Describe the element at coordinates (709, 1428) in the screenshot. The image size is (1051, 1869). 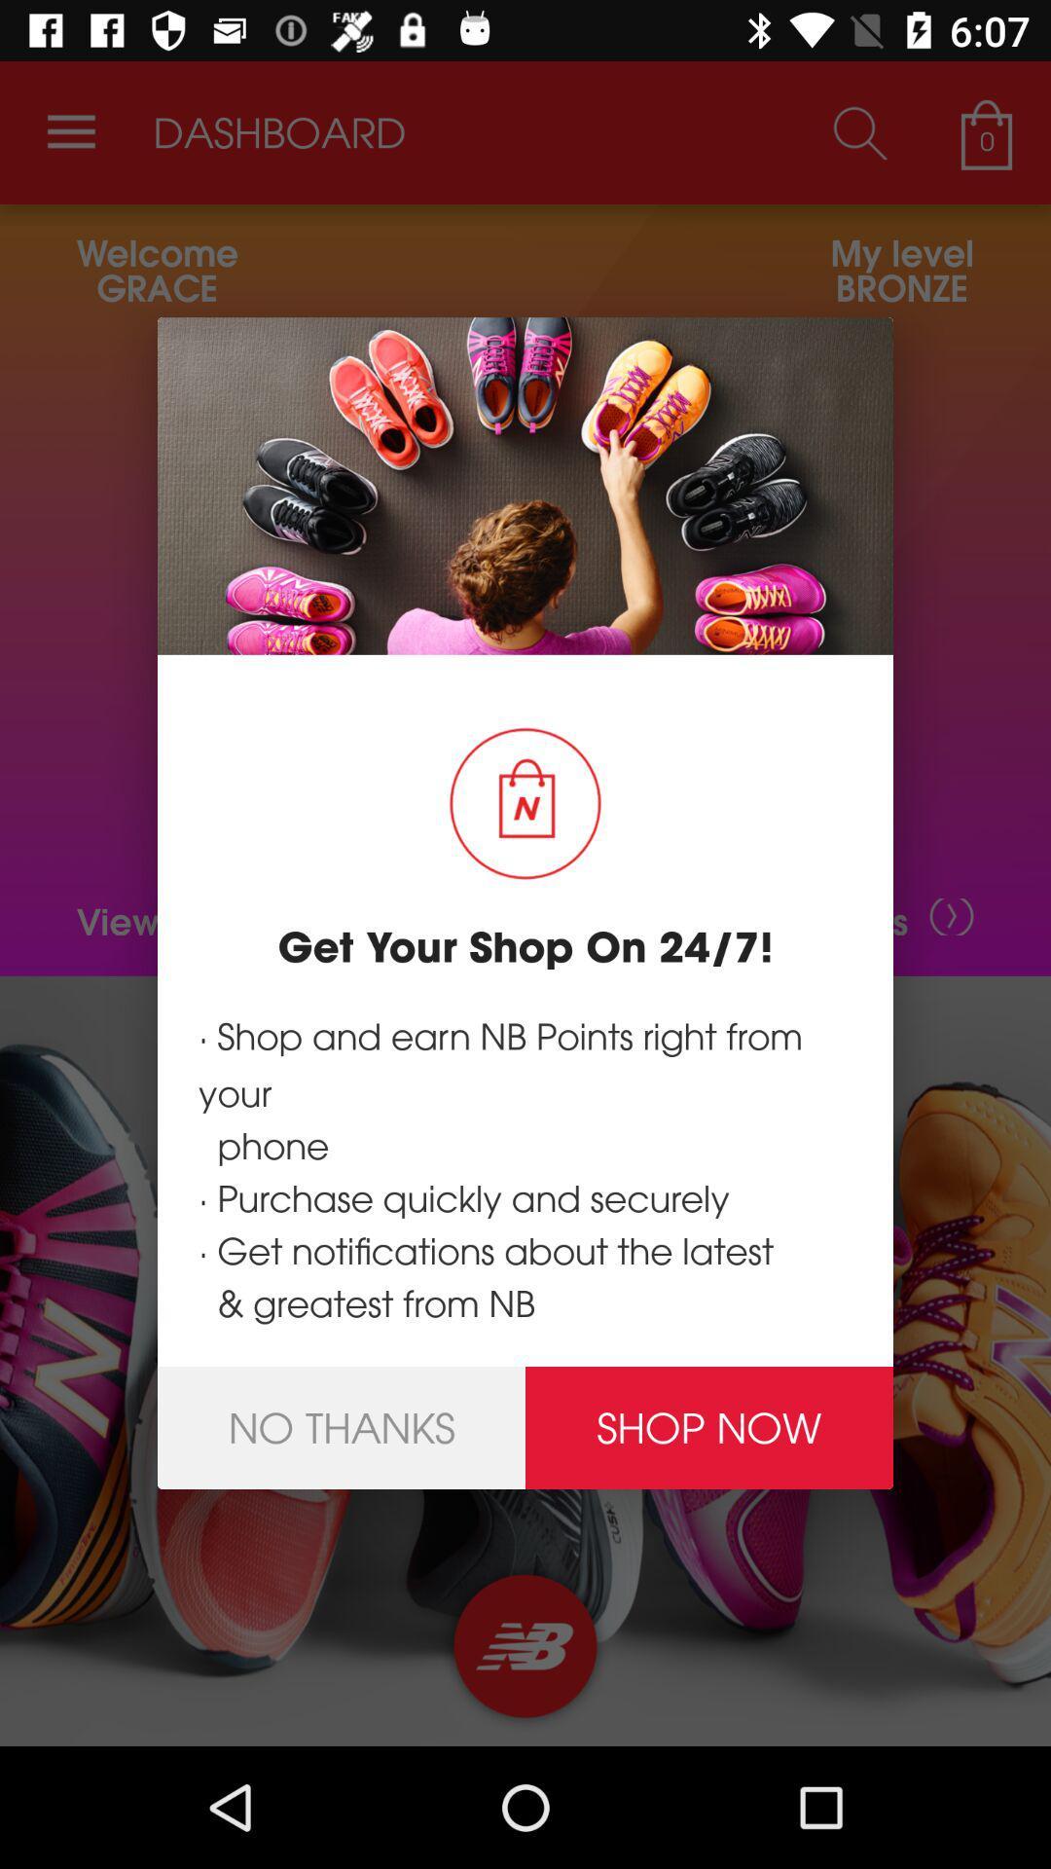
I see `the item below shop and earn item` at that location.